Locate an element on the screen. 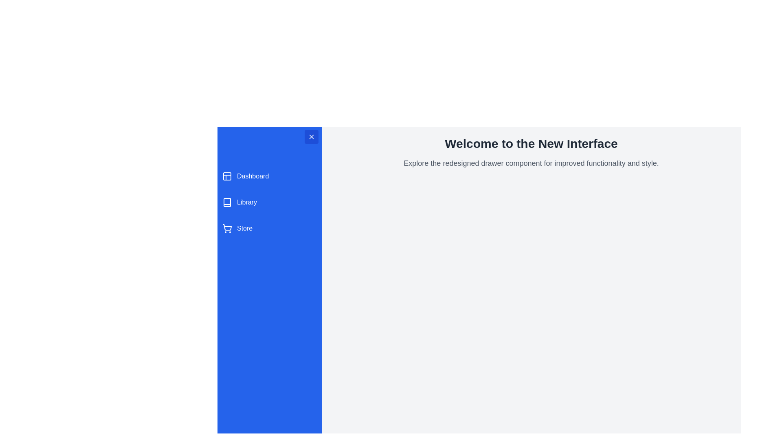 This screenshot has width=782, height=440. the close button located at the upper-right corner of the side panel is located at coordinates (311, 136).